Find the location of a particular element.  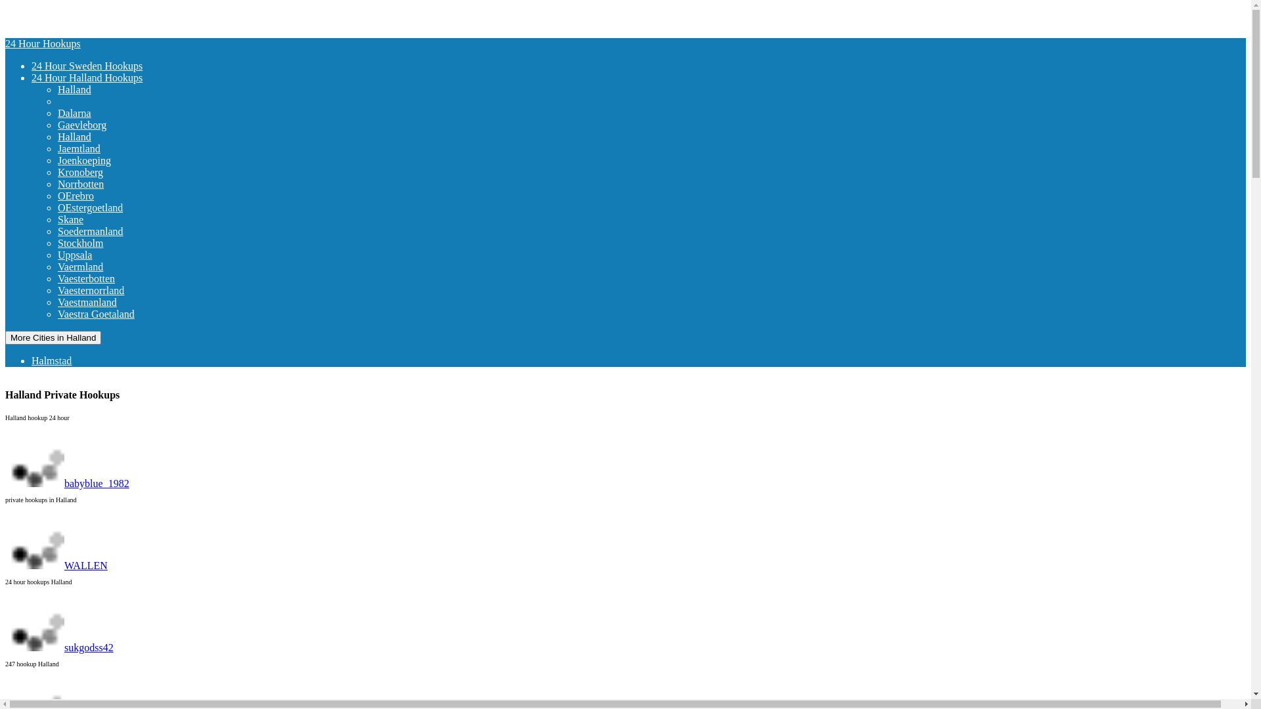

'sukgodss42' is located at coordinates (58, 647).